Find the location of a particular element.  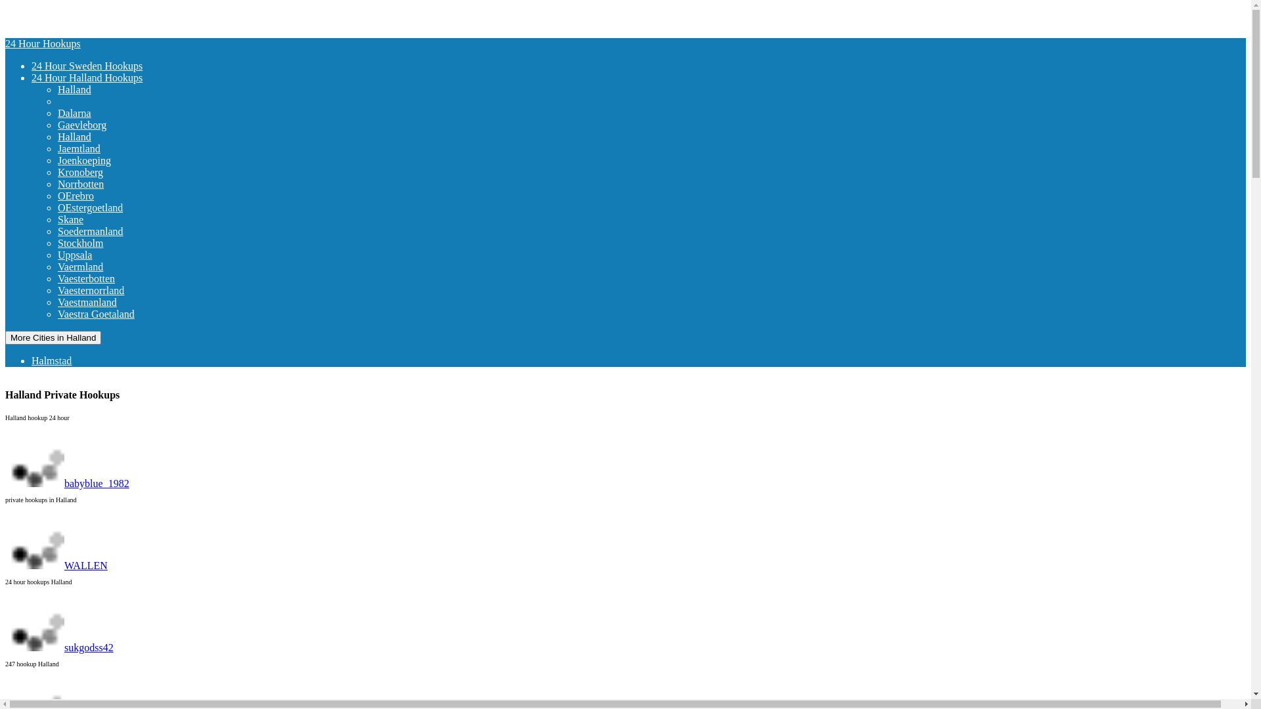

'sukgodss42' is located at coordinates (58, 647).